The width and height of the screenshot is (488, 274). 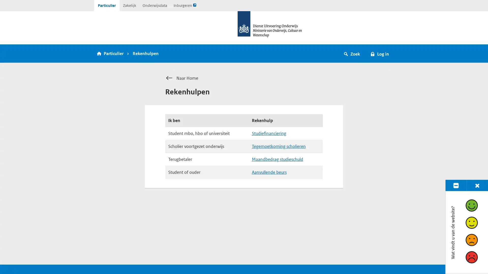 What do you see at coordinates (471, 222) in the screenshot?
I see `Redelijk` at bounding box center [471, 222].